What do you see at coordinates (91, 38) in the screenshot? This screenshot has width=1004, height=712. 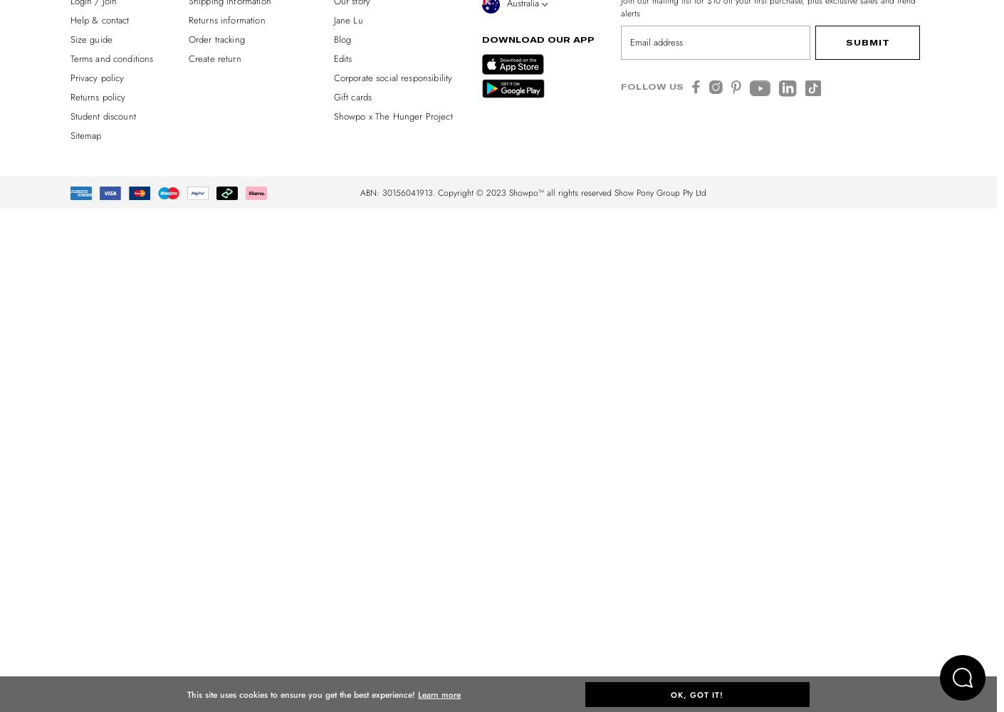 I see `'Size guide'` at bounding box center [91, 38].